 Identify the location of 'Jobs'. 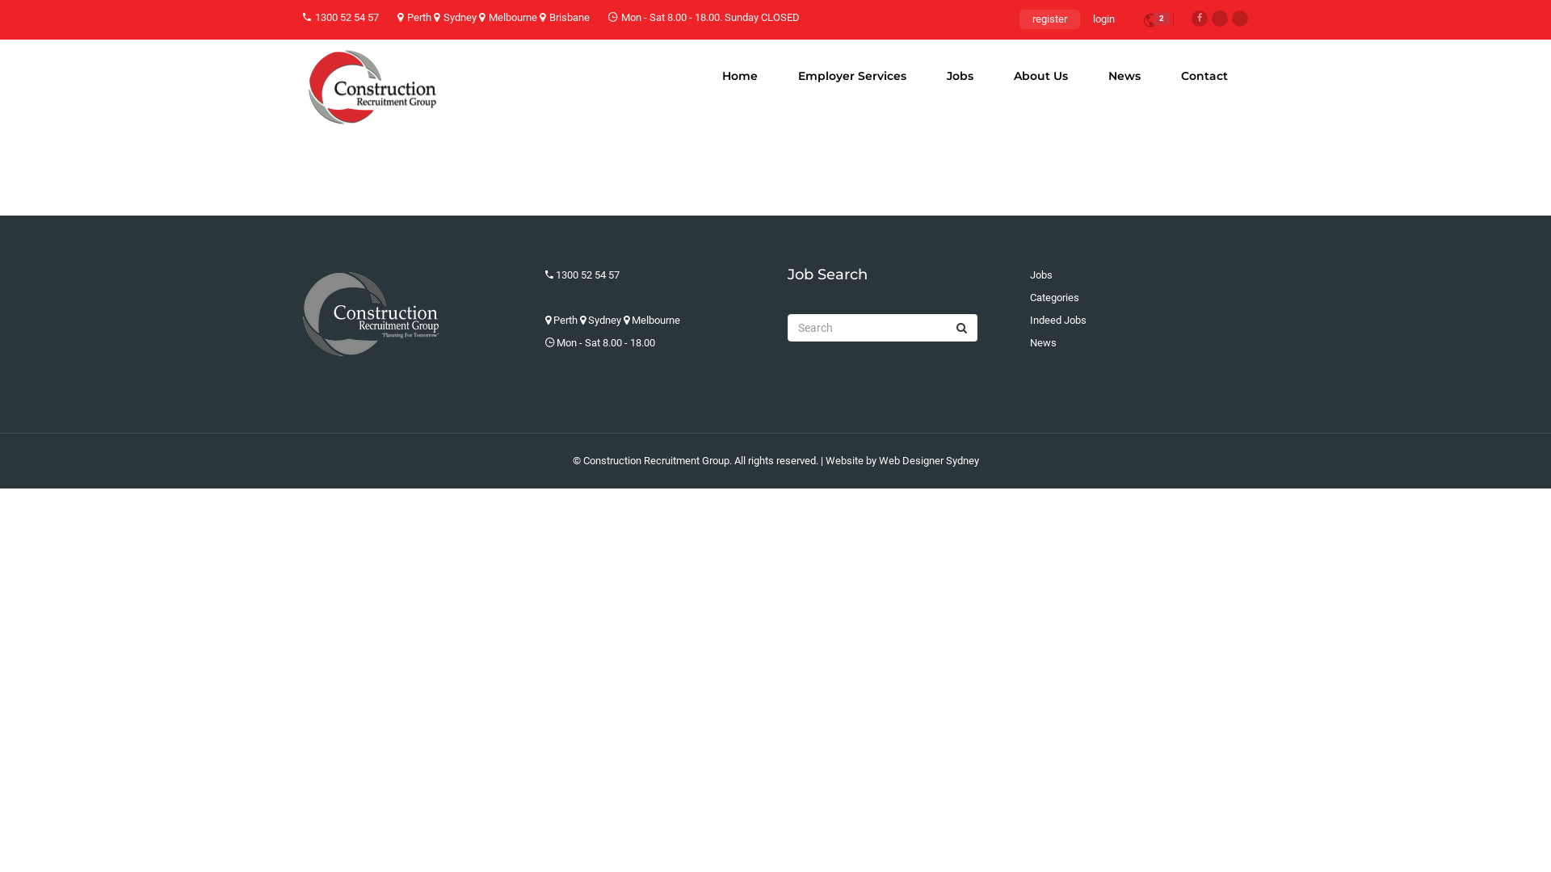
(1041, 274).